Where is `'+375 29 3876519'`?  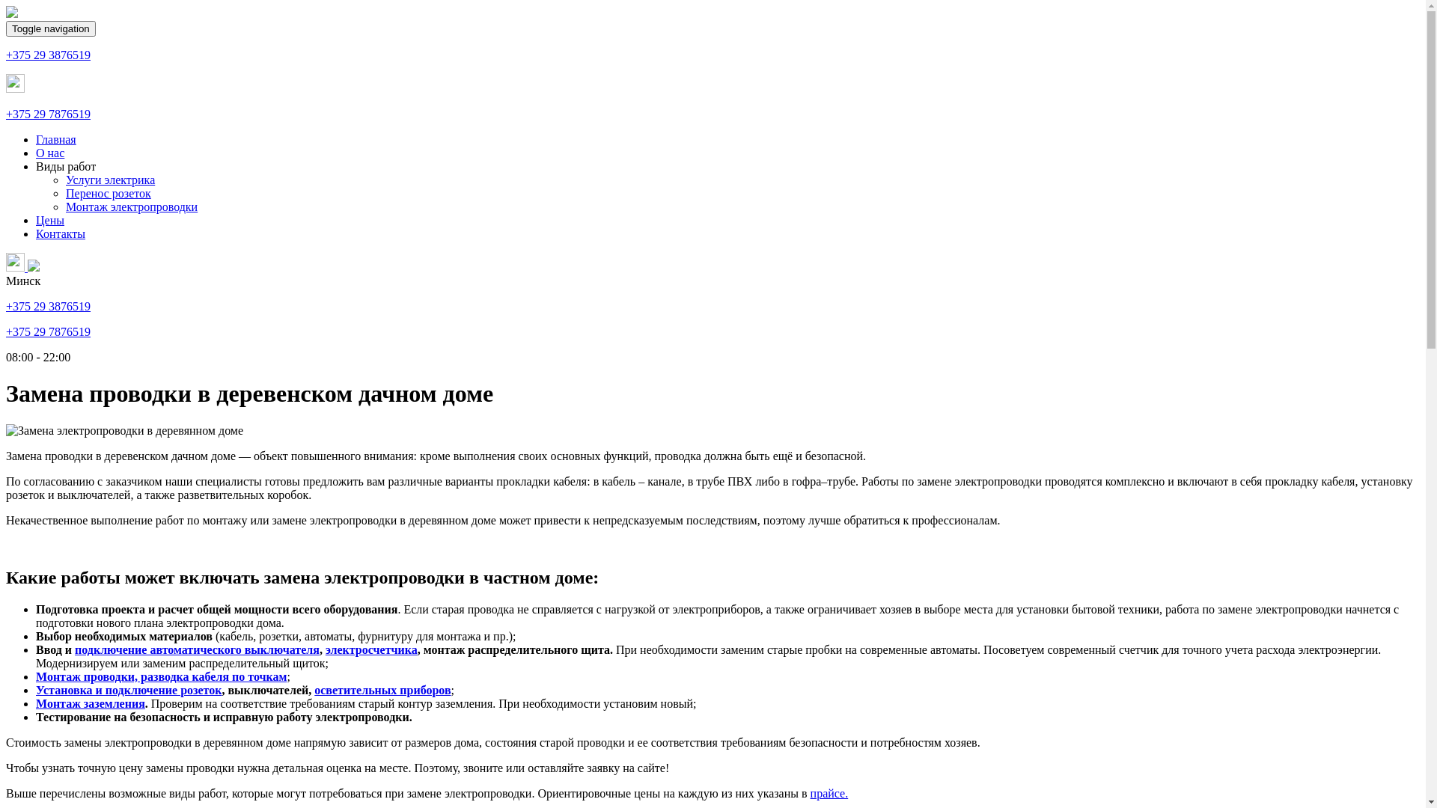
'+375 29 3876519' is located at coordinates (6, 305).